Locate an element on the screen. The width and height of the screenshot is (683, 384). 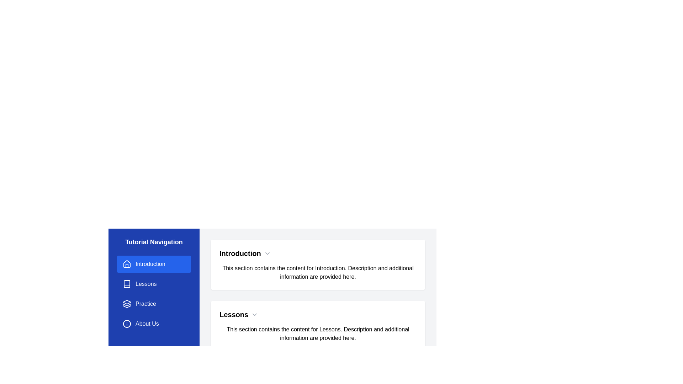
the 'Lessons' navigation button located in the left sidebar is located at coordinates (153, 283).